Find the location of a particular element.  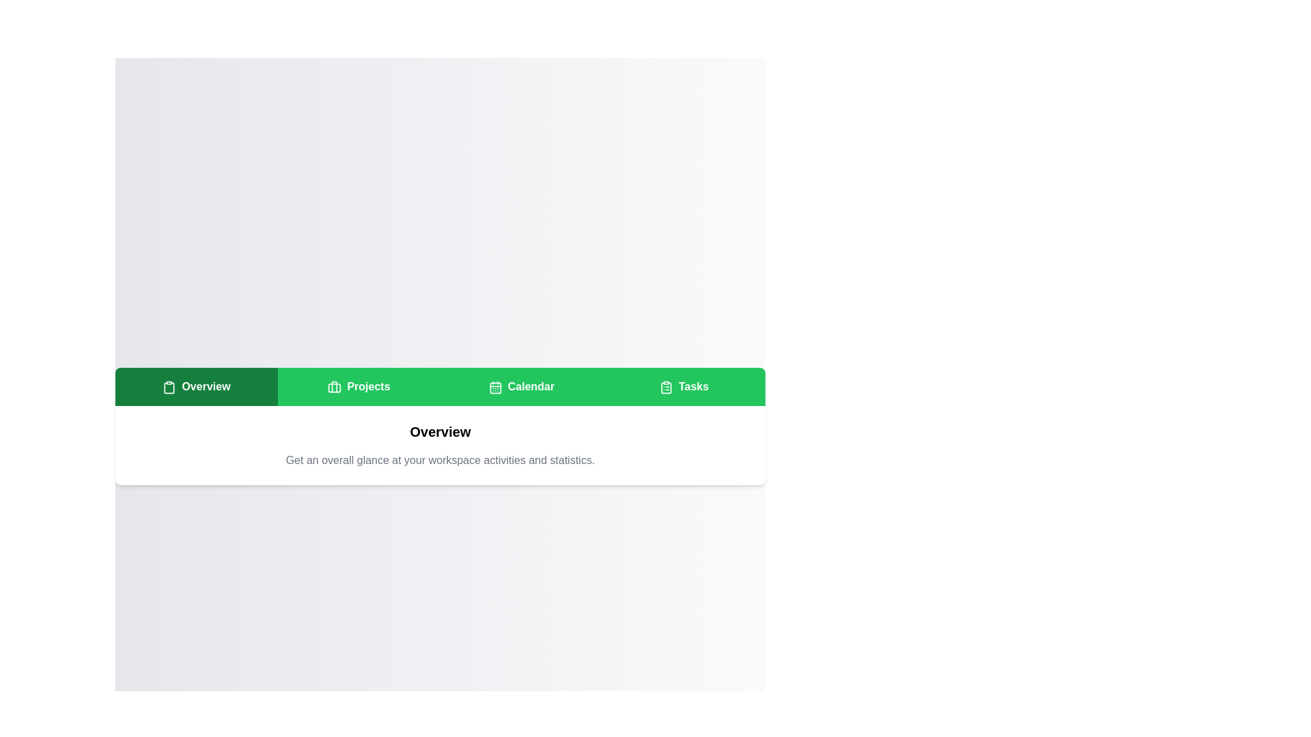

the Overview tab is located at coordinates (196, 387).